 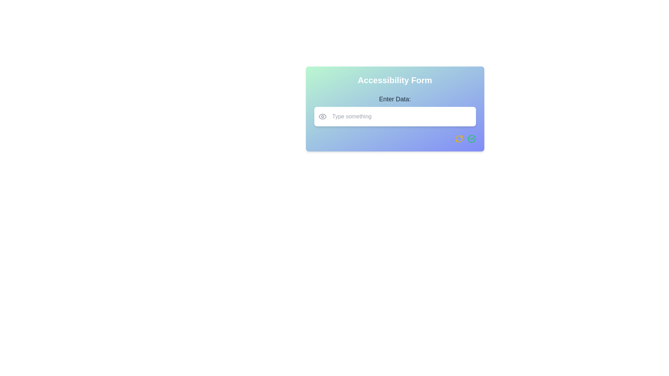 What do you see at coordinates (322, 116) in the screenshot?
I see `the outer shape of the eye icon in the Accessibility Form input field area` at bounding box center [322, 116].